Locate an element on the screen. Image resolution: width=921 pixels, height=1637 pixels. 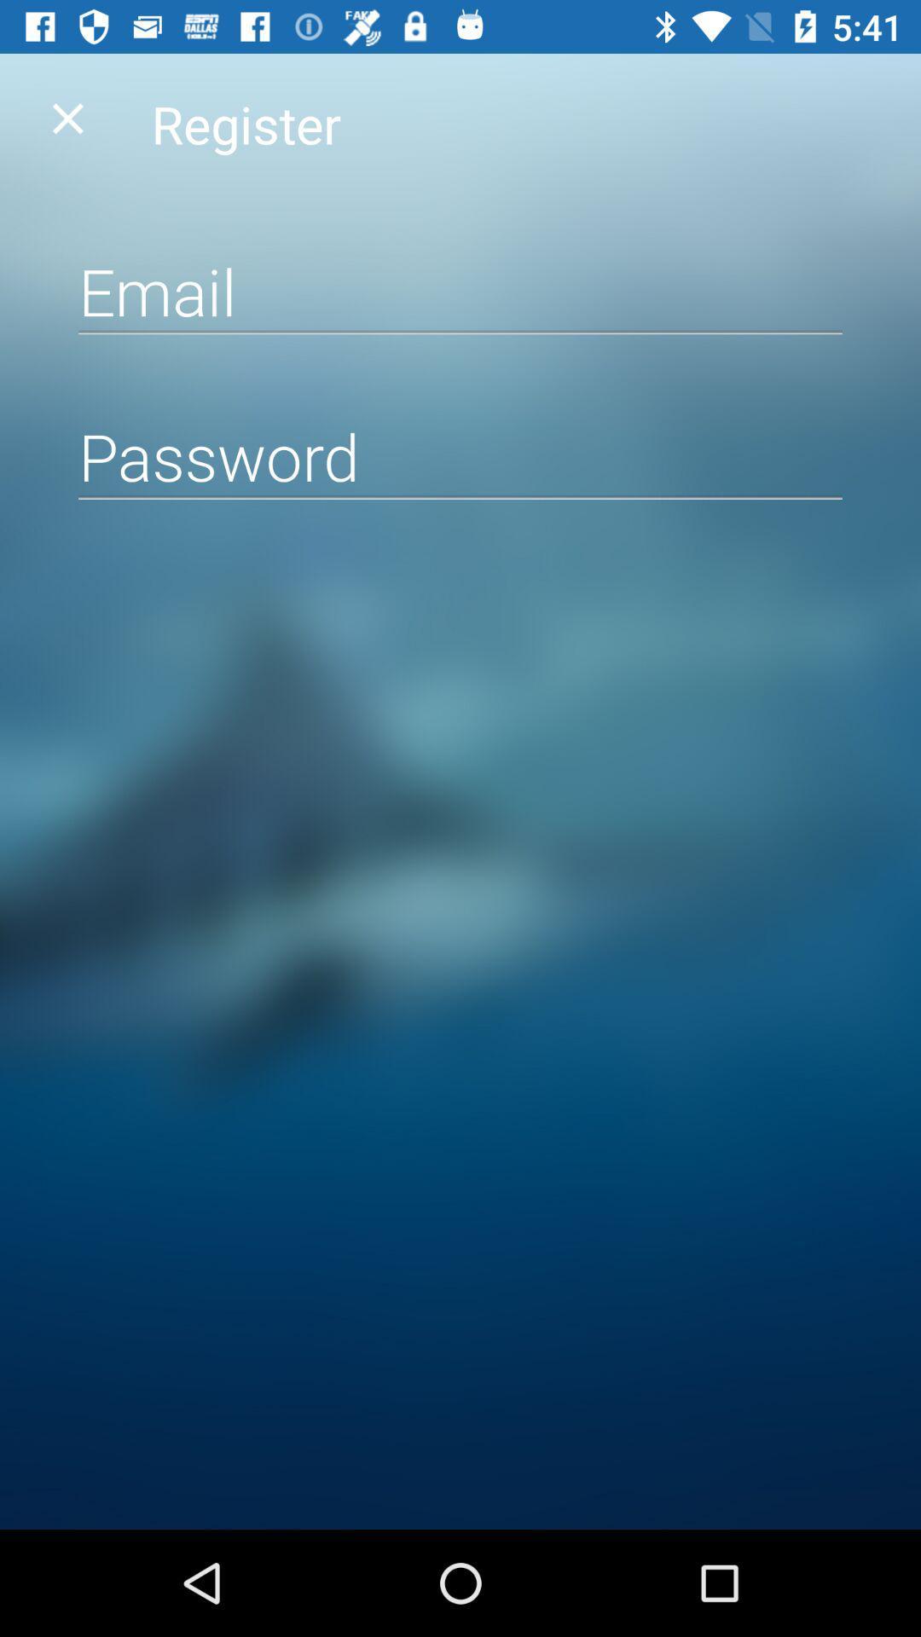
email address is located at coordinates (460, 291).